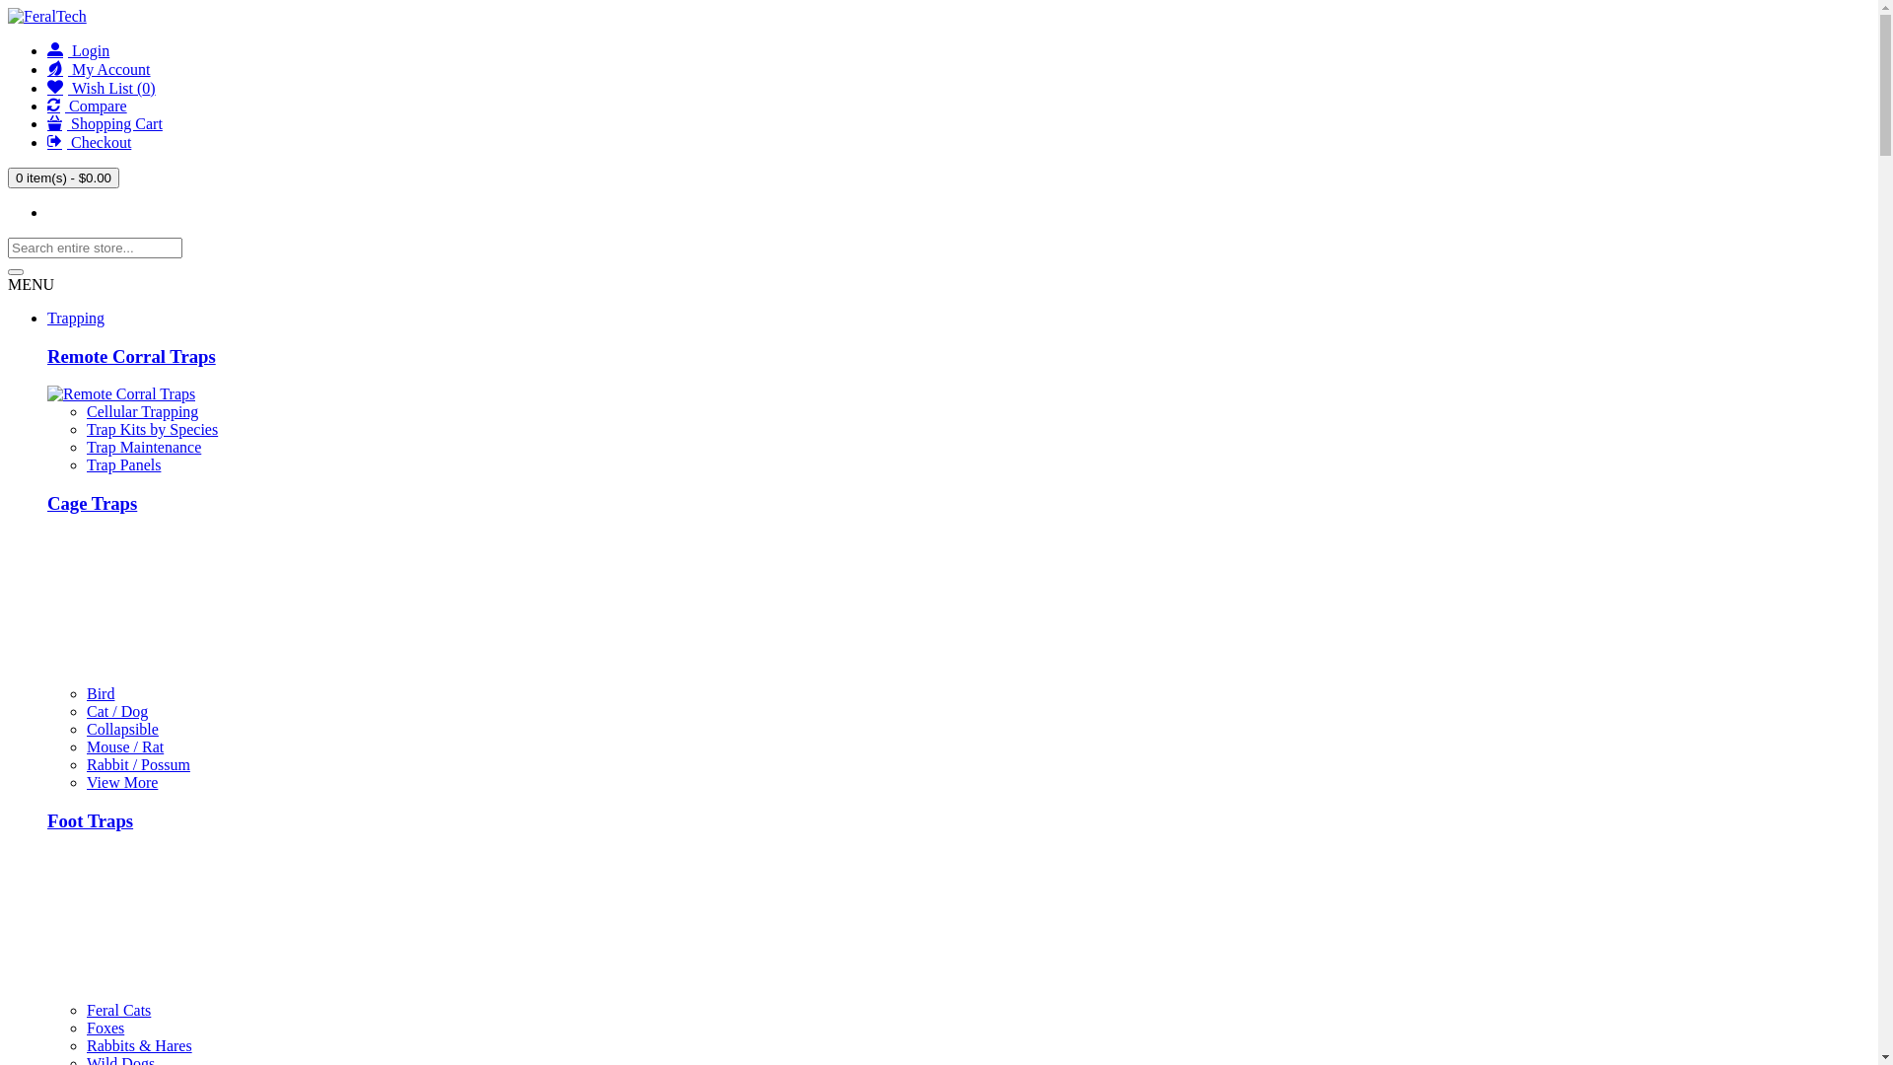  What do you see at coordinates (86, 106) in the screenshot?
I see `'Compare'` at bounding box center [86, 106].